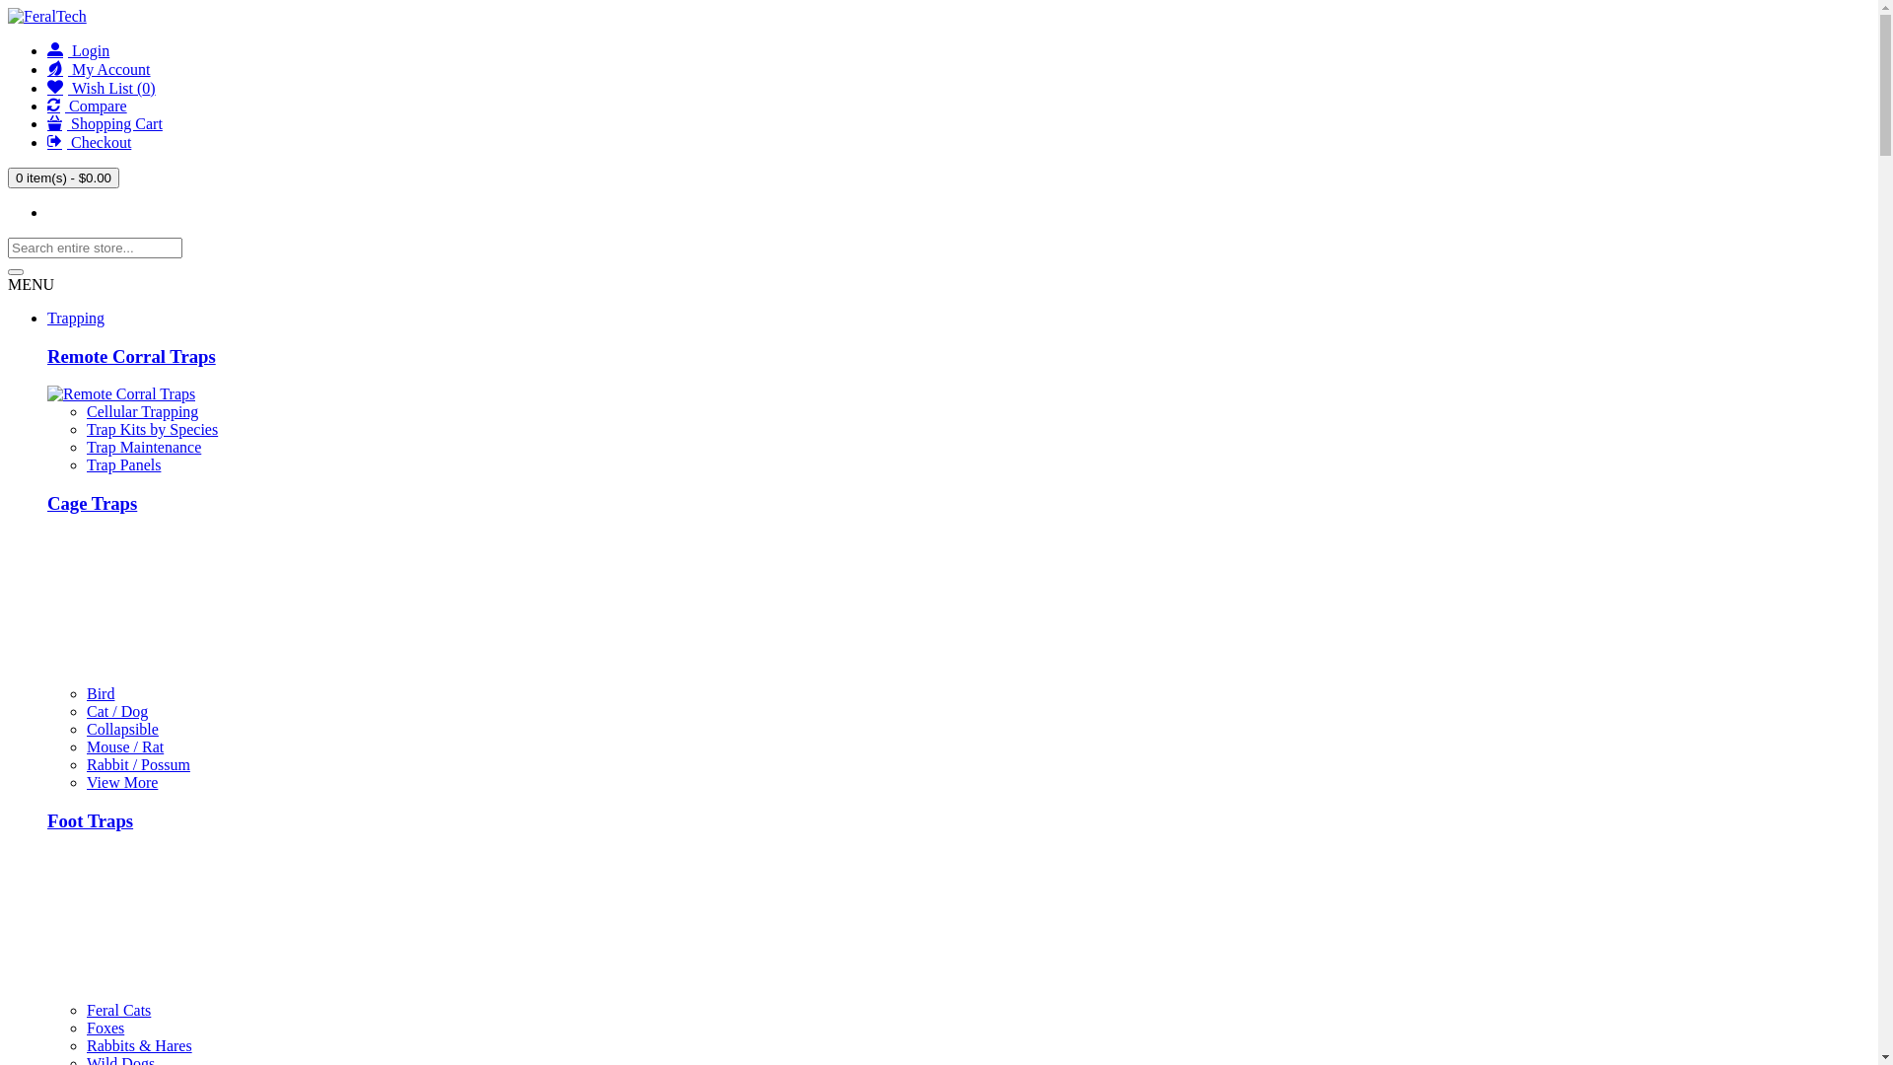  What do you see at coordinates (86, 106) in the screenshot?
I see `'Compare'` at bounding box center [86, 106].